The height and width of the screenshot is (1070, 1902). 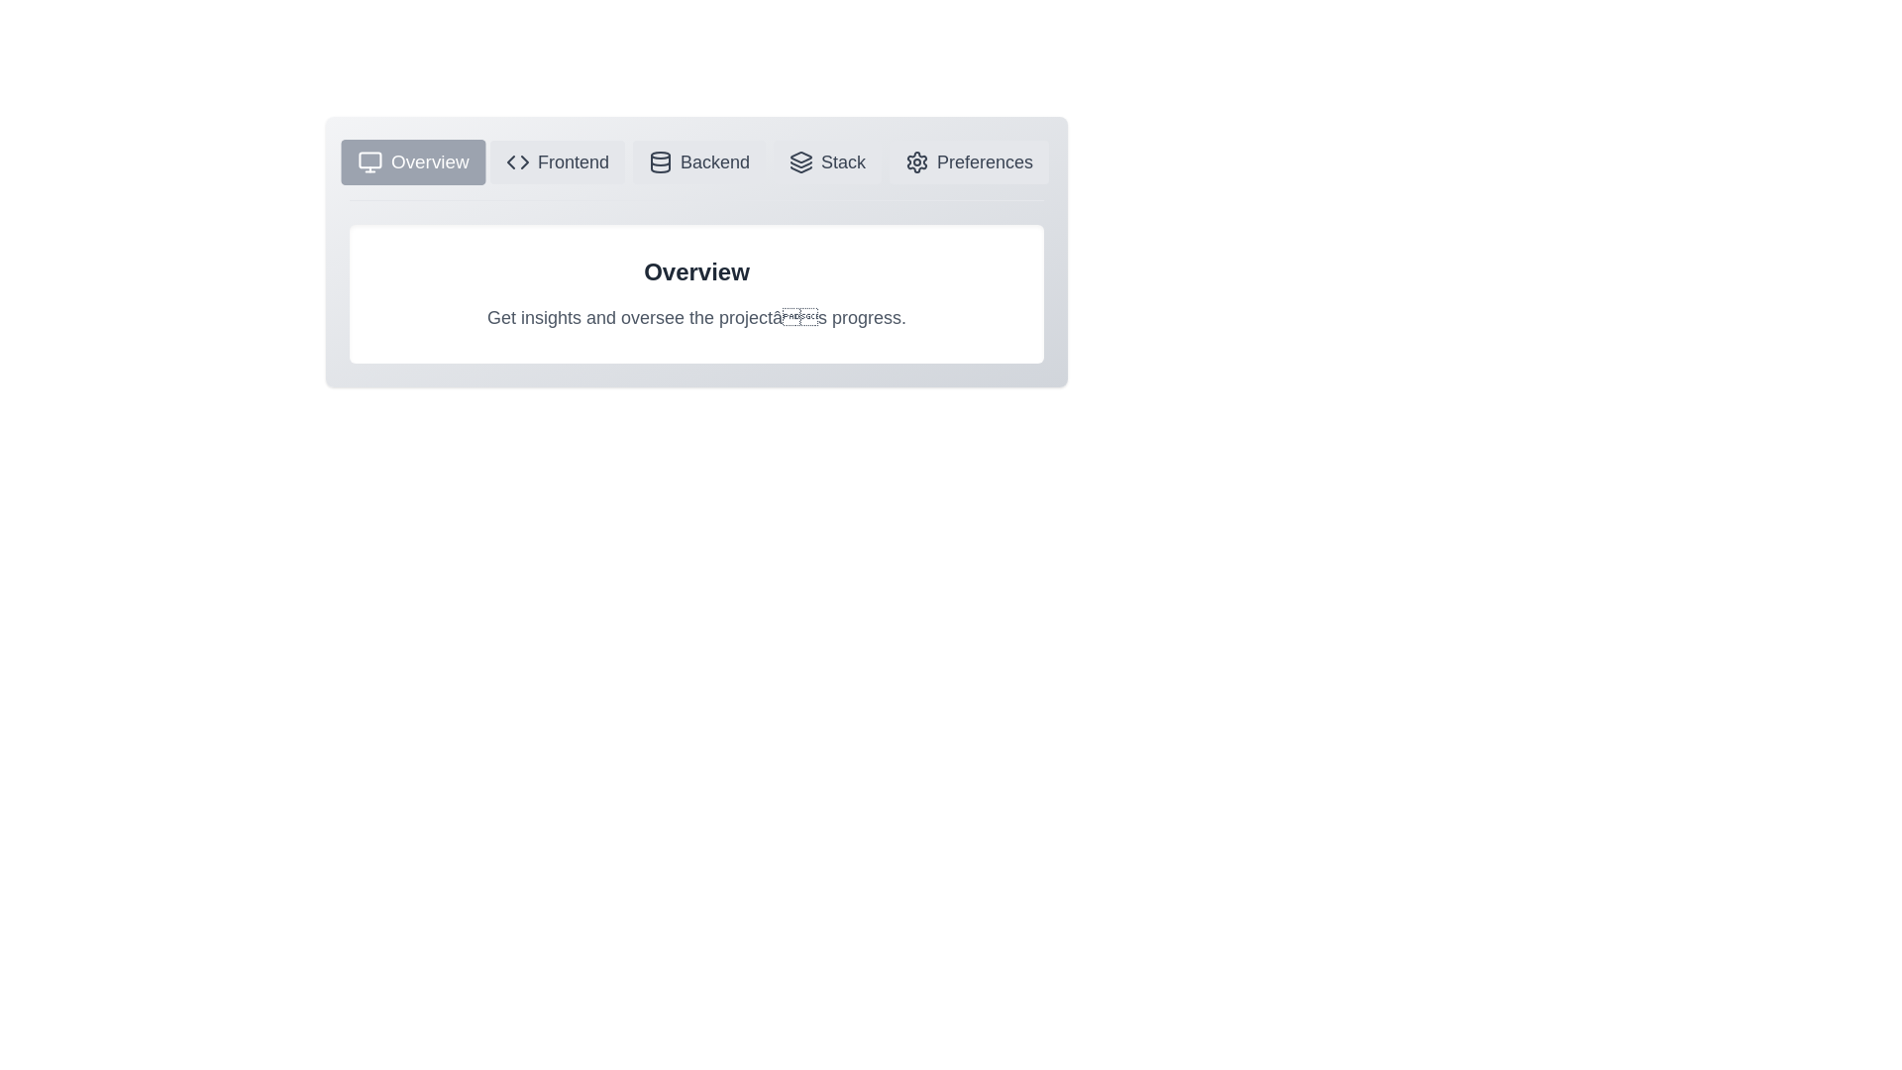 What do you see at coordinates (556, 161) in the screenshot?
I see `the icon of the Frontend tab` at bounding box center [556, 161].